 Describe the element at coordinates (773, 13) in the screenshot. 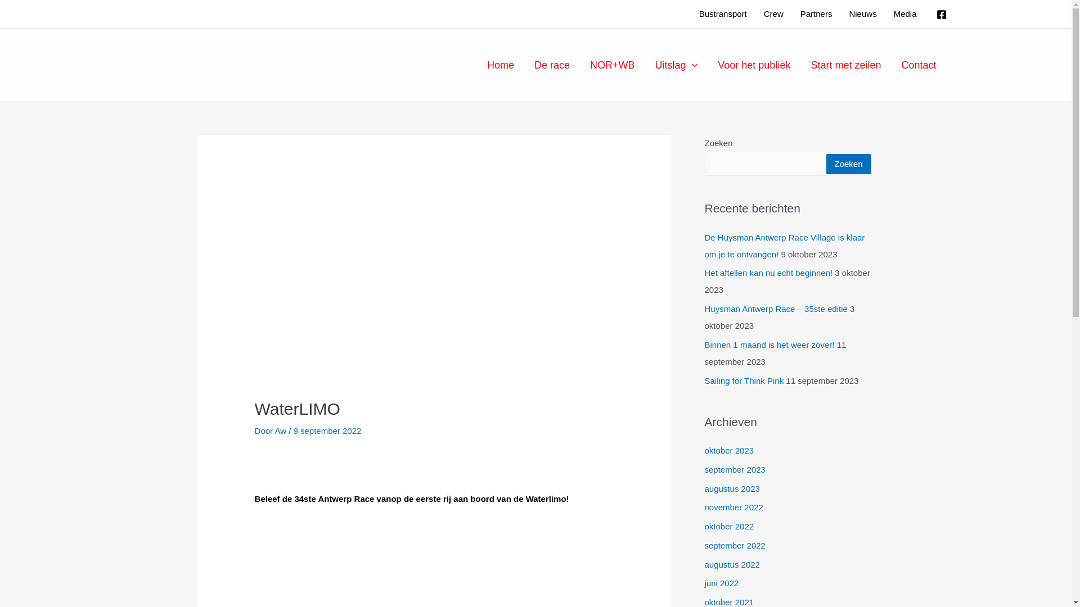

I see `'Crew'` at that location.